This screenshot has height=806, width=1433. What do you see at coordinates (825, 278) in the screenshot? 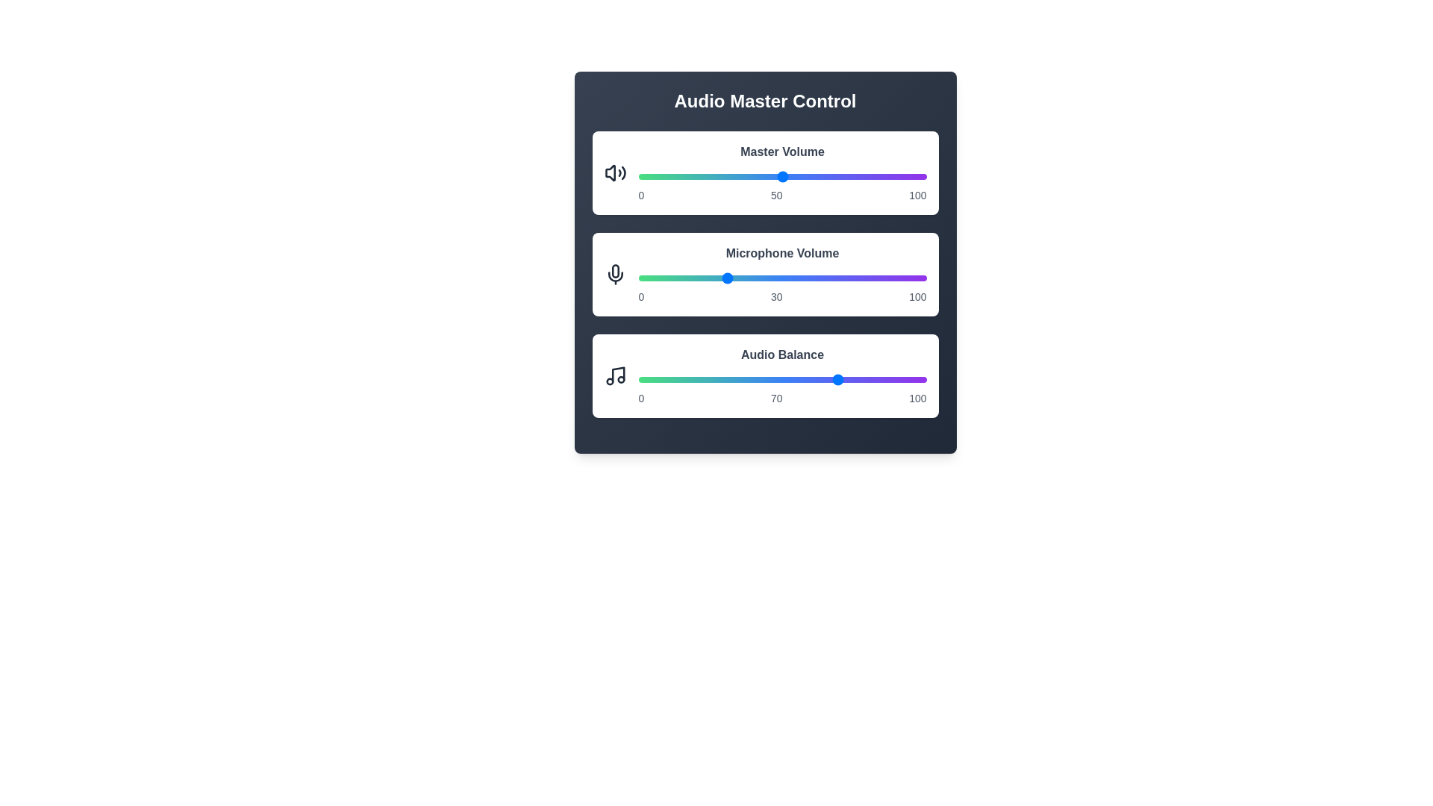
I see `the microphone volume slider to 65%` at bounding box center [825, 278].